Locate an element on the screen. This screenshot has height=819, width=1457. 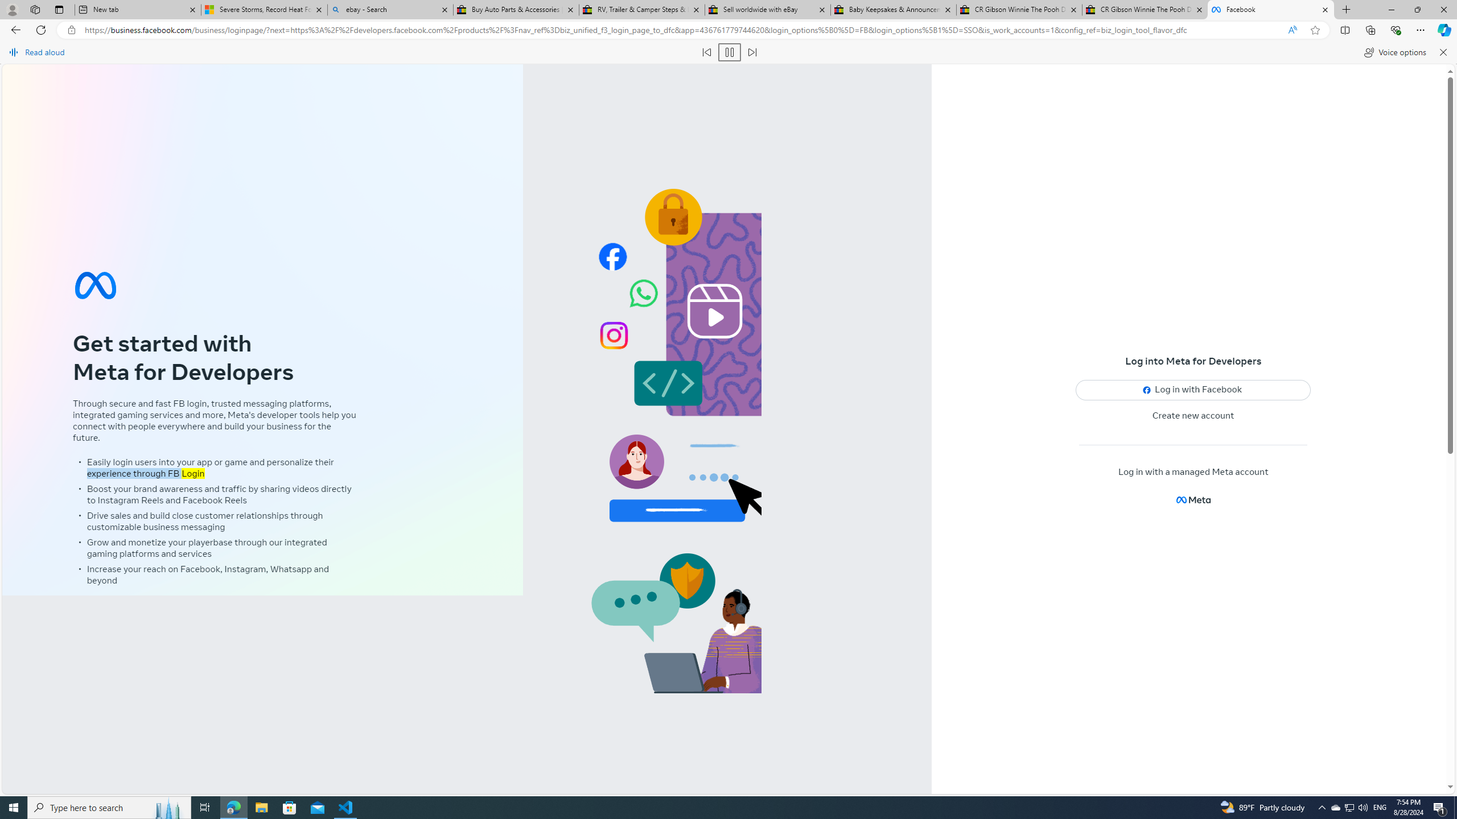
'Meta logo' is located at coordinates (1192, 499).